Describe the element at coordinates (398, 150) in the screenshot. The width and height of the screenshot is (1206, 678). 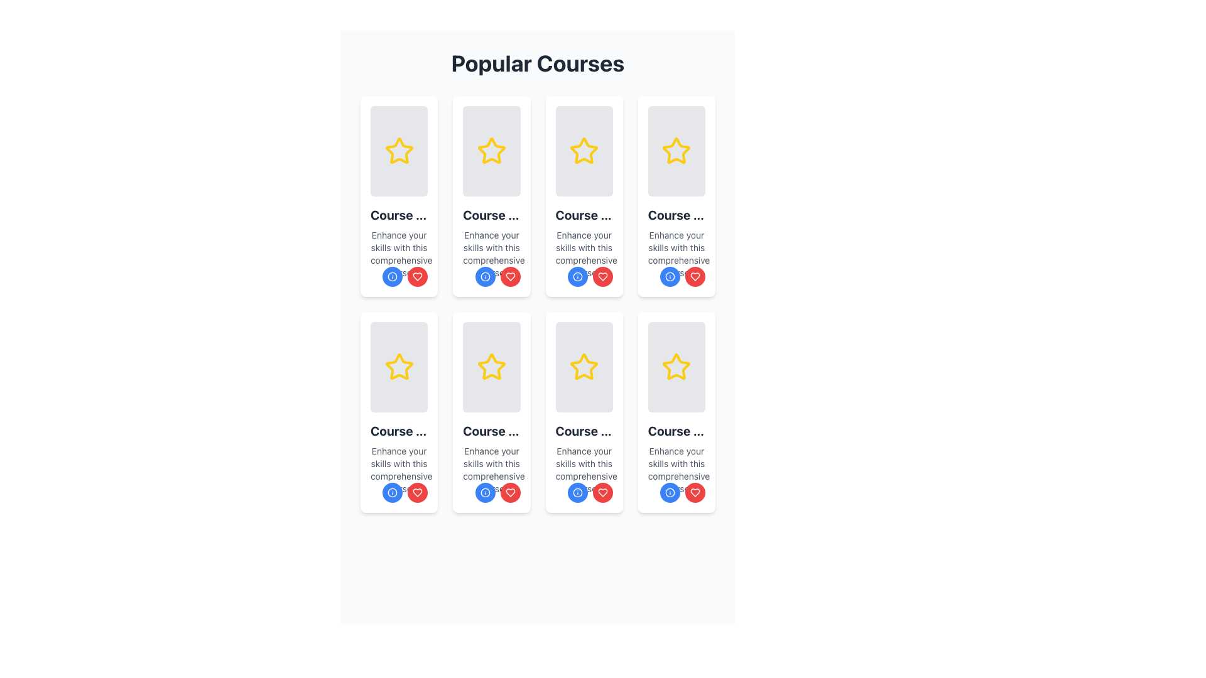
I see `the star icon graphic that represents ratings or favorites in the first card of the grid layout, located above the 'Course ...' text` at that location.